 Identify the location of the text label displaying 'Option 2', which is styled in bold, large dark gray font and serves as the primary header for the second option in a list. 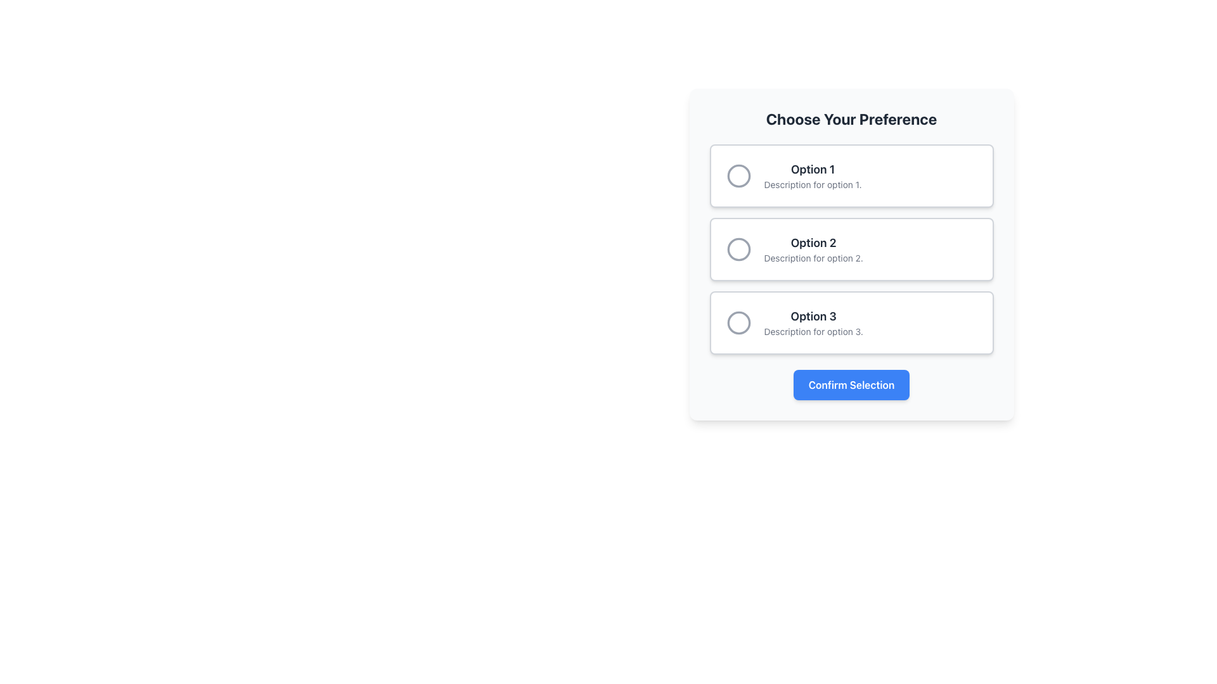
(813, 243).